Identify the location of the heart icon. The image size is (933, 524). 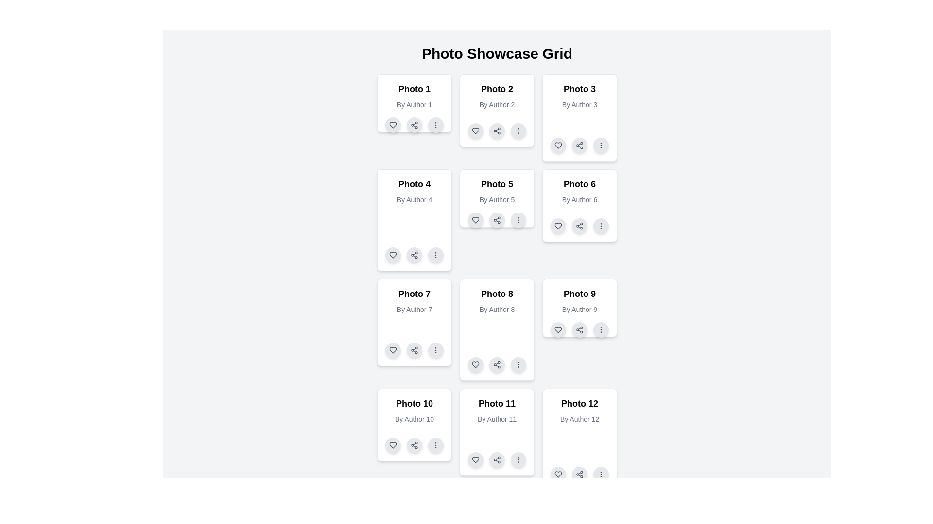
(558, 226).